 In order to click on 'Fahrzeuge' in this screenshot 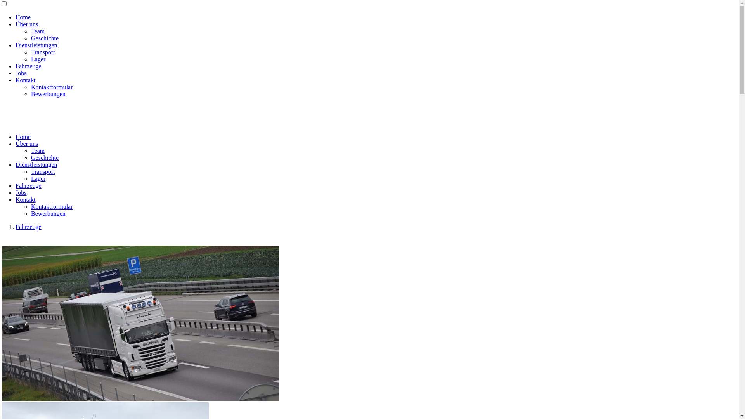, I will do `click(28, 66)`.